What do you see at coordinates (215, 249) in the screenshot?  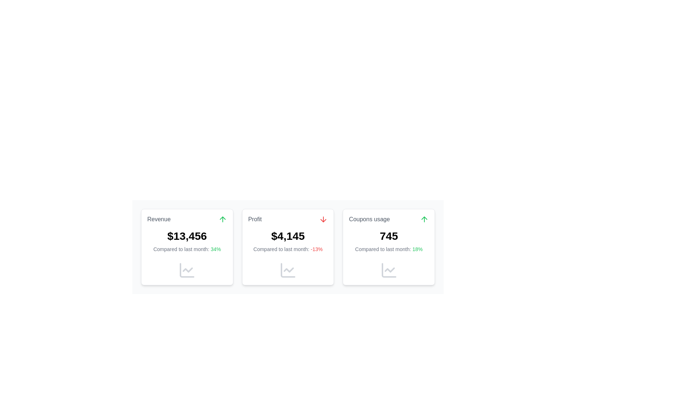 I see `text displaying the percentage increase '34%' located at the bottom of the first card, which follows the main numerical value and is part of the sentence 'Compared to last month: 34%'` at bounding box center [215, 249].